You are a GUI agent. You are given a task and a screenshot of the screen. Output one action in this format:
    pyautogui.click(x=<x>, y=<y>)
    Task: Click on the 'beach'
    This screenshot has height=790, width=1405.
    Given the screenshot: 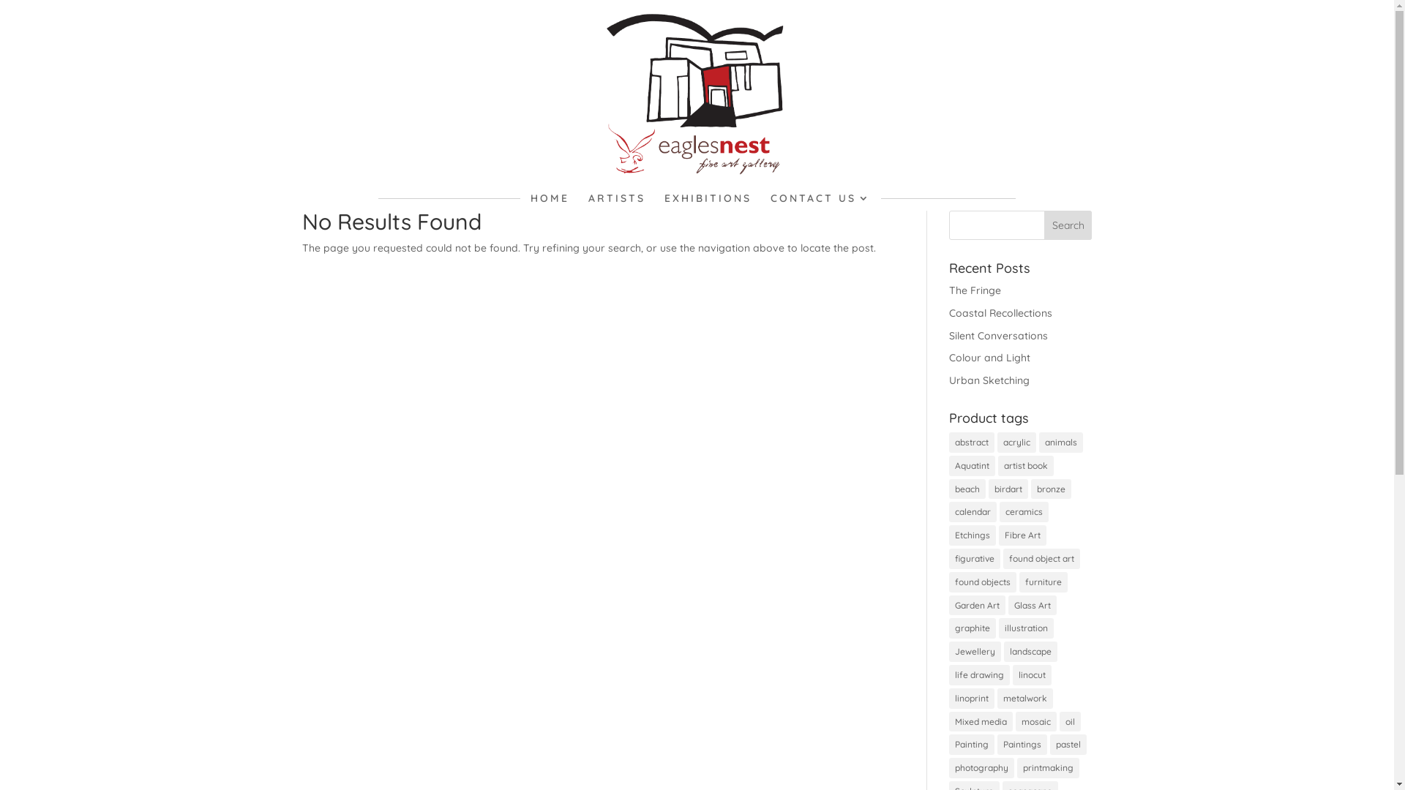 What is the action you would take?
    pyautogui.click(x=967, y=489)
    